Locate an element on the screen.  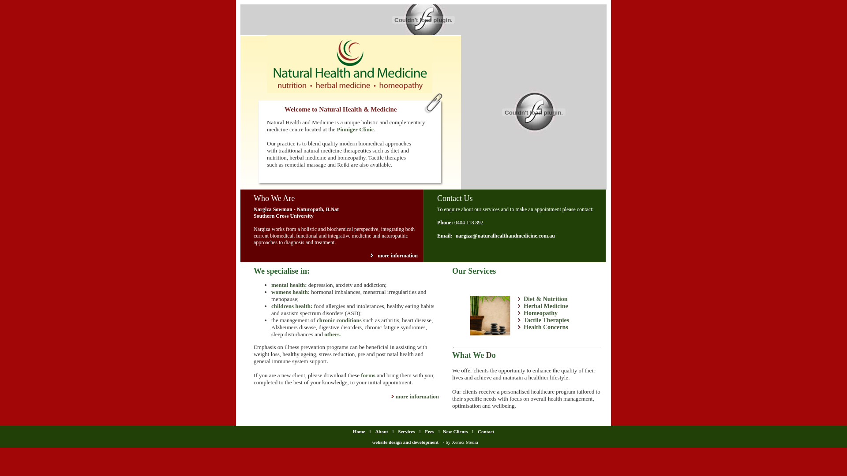
'Health Concerns' is located at coordinates (545, 327).